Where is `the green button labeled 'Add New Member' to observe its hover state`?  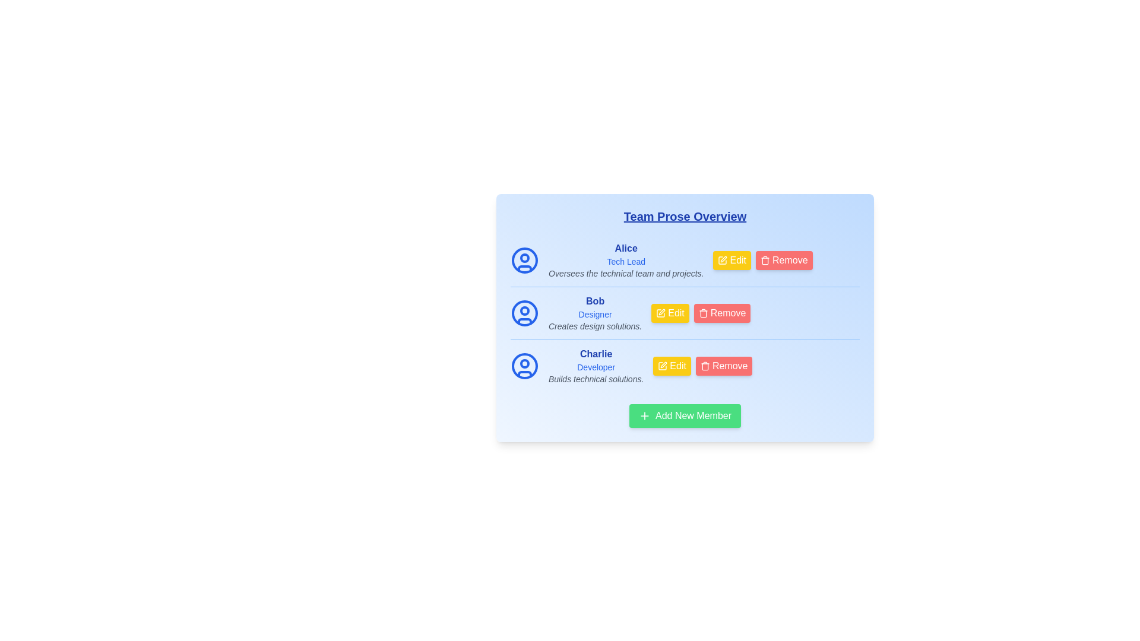 the green button labeled 'Add New Member' to observe its hover state is located at coordinates (685, 415).